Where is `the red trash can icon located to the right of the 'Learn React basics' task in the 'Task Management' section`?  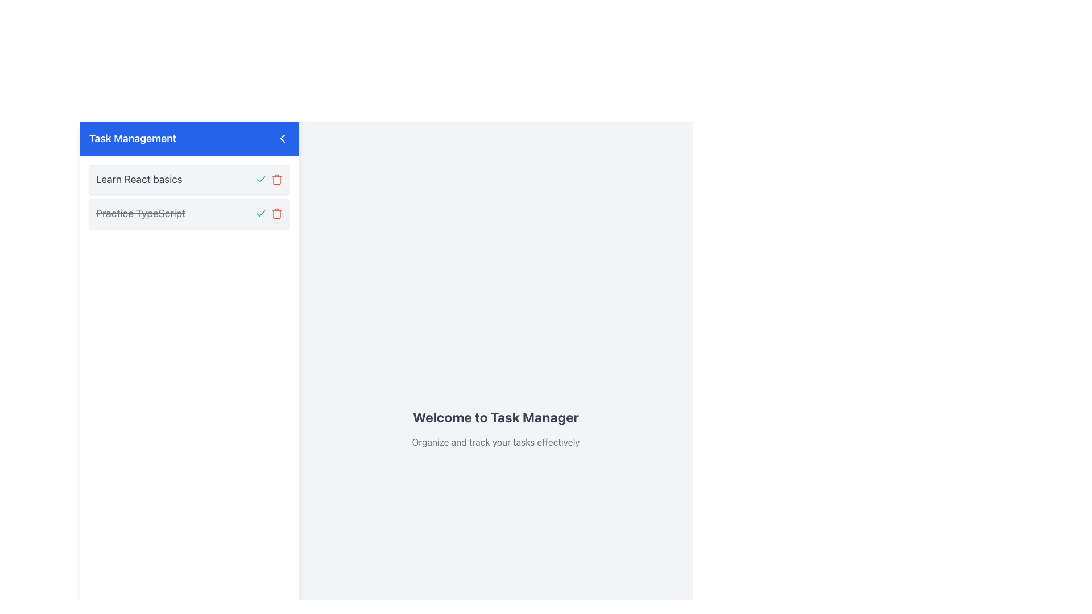
the red trash can icon located to the right of the 'Learn React basics' task in the 'Task Management' section is located at coordinates (276, 213).